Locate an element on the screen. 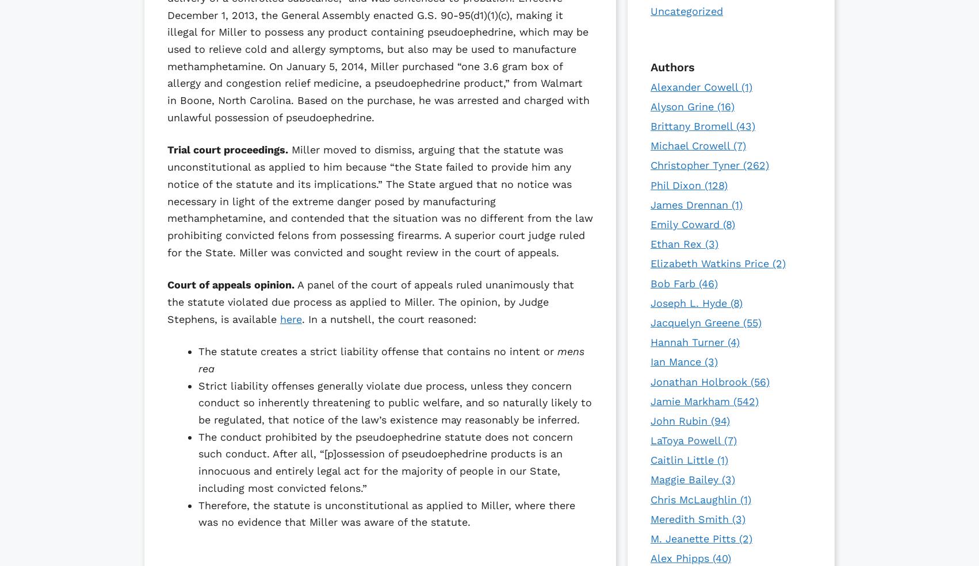 Image resolution: width=979 pixels, height=566 pixels. 'here' is located at coordinates (290, 318).